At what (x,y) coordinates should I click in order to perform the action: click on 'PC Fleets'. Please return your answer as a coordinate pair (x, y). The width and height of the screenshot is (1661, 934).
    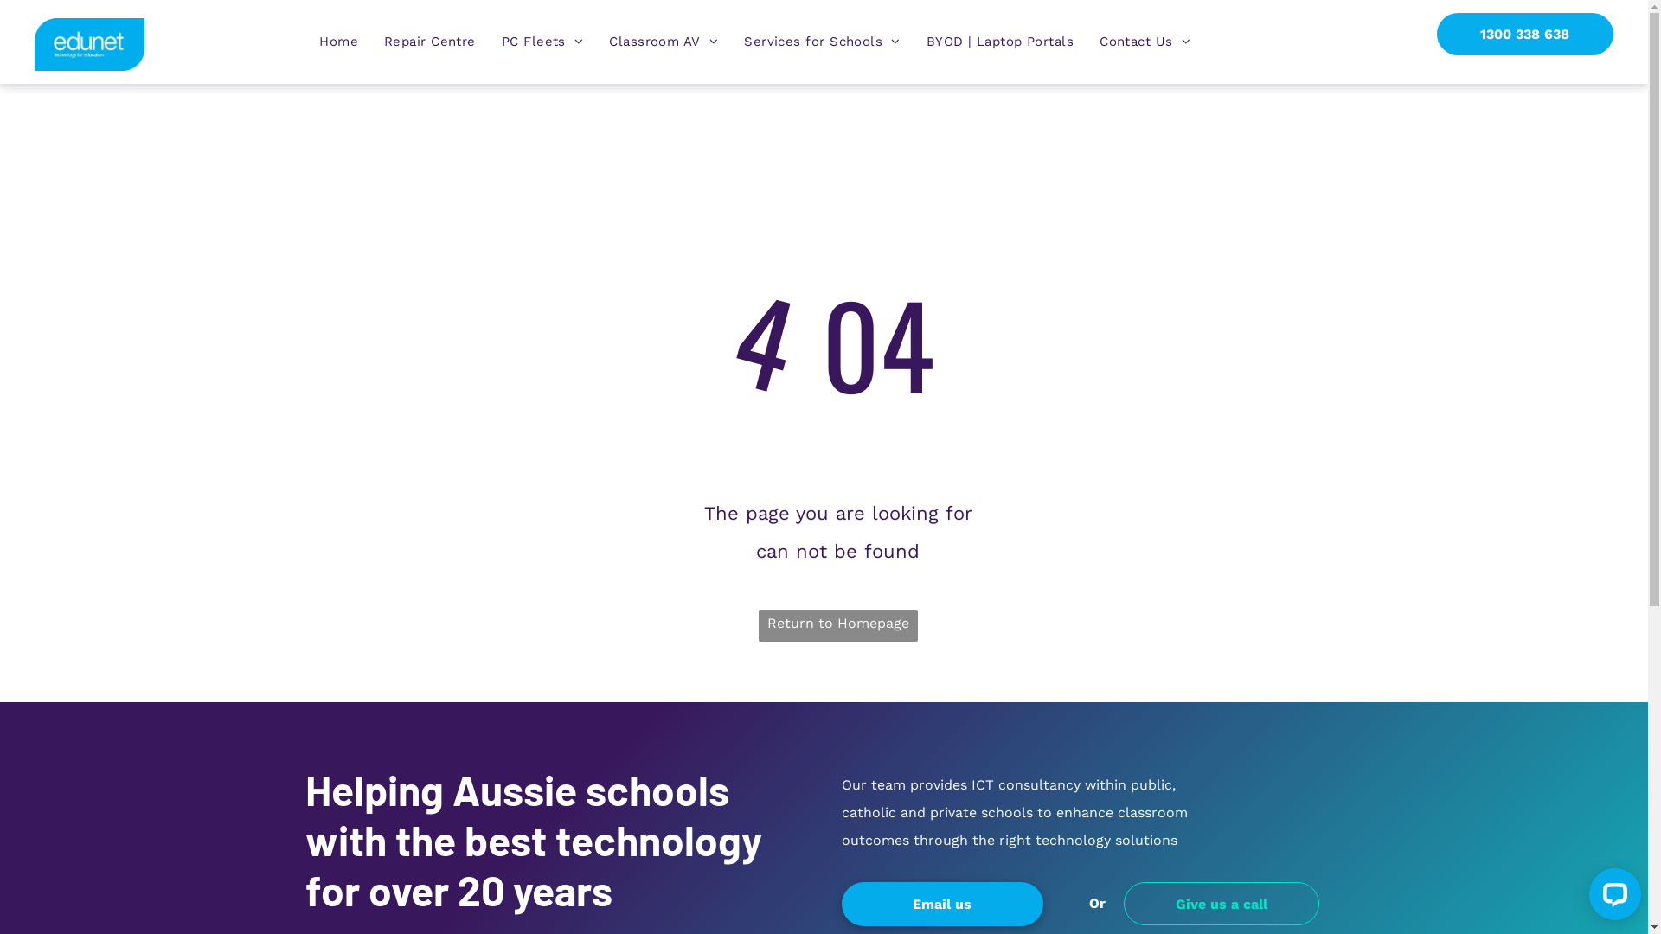
    Looking at the image, I should click on (542, 40).